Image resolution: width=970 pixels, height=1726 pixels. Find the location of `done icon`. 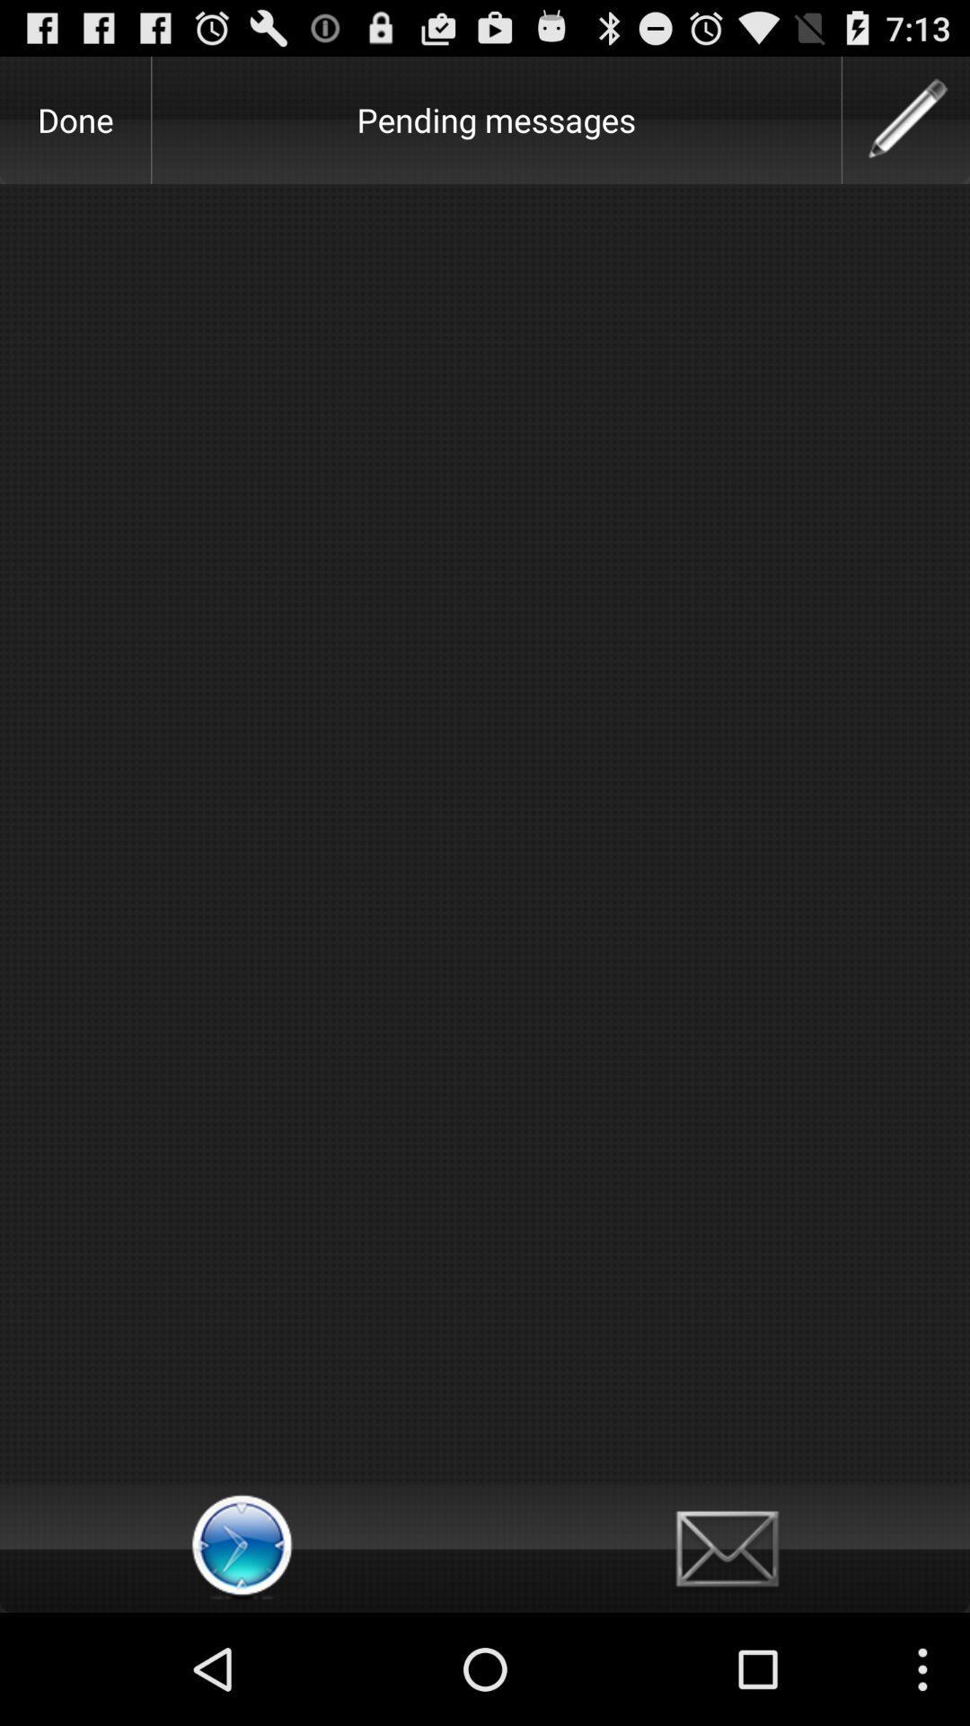

done icon is located at coordinates (75, 119).